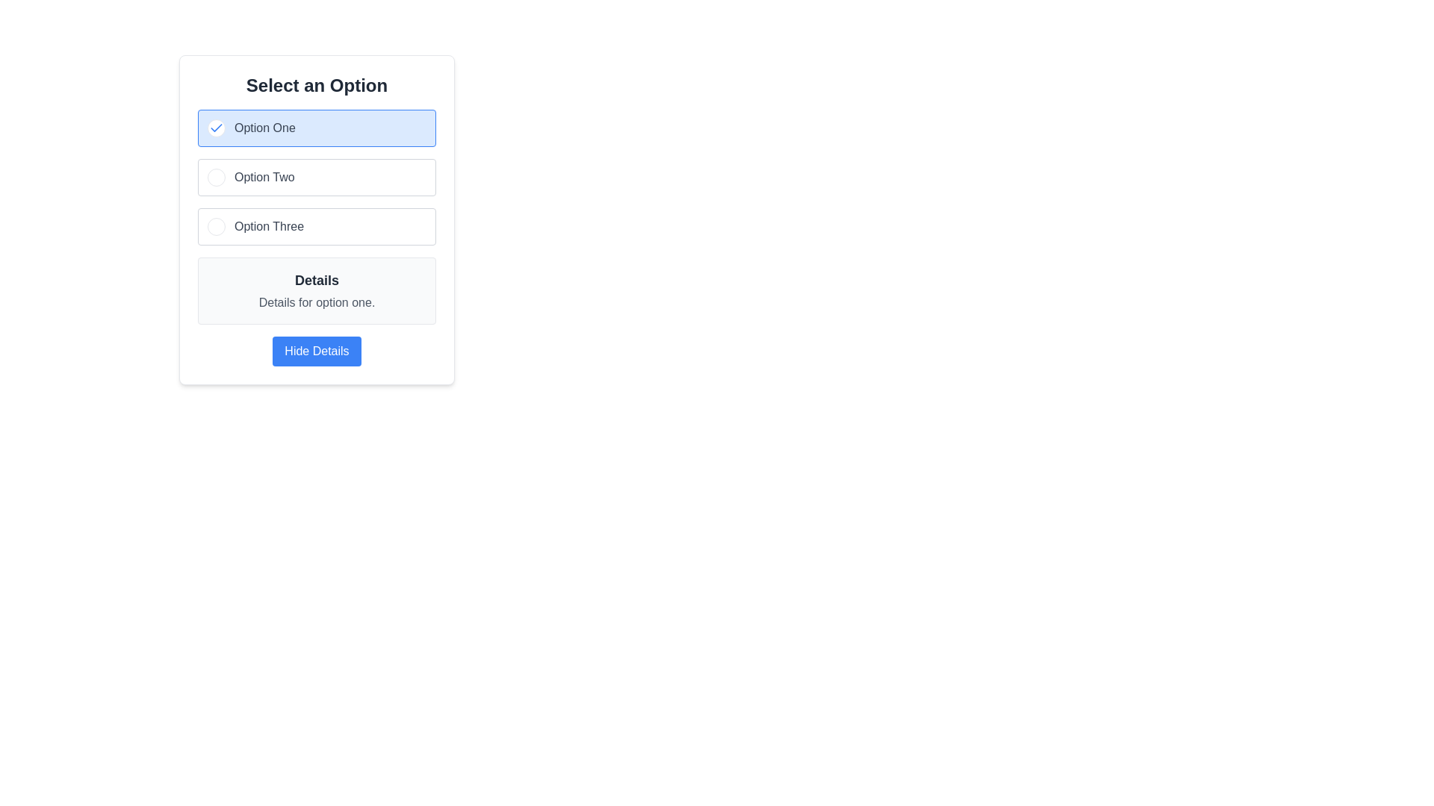  Describe the element at coordinates (316, 280) in the screenshot. I see `the Text Label that serves as a header for the details section, located above the descriptive text 'Details for option one.' and below the 'Hide Details' button` at that location.